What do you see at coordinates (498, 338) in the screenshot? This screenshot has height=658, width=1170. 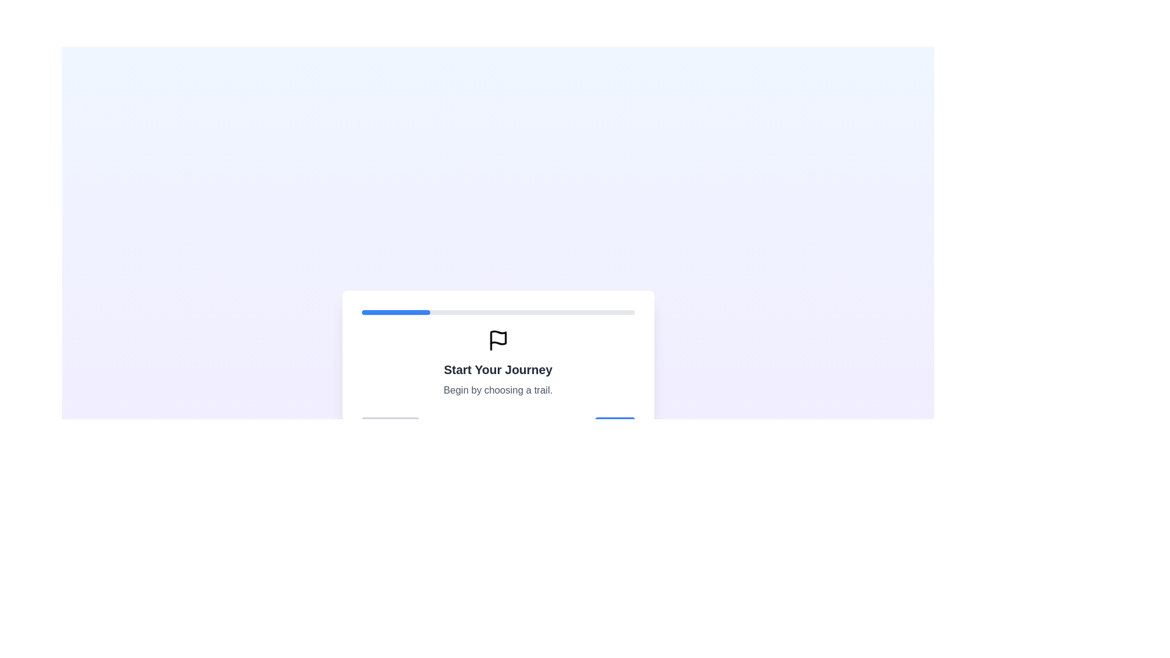 I see `the visual icon located just above the text 'Start Your Journey', which is centrally aligned with the text` at bounding box center [498, 338].